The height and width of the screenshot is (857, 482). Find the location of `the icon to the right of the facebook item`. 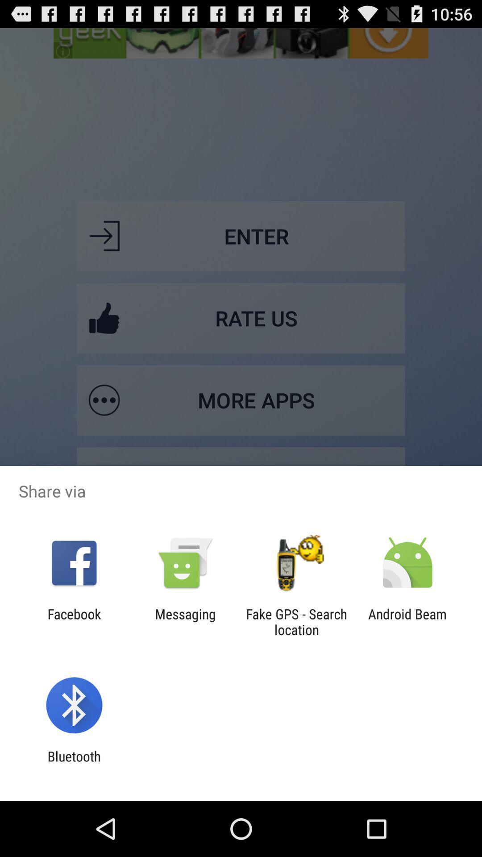

the icon to the right of the facebook item is located at coordinates (185, 621).